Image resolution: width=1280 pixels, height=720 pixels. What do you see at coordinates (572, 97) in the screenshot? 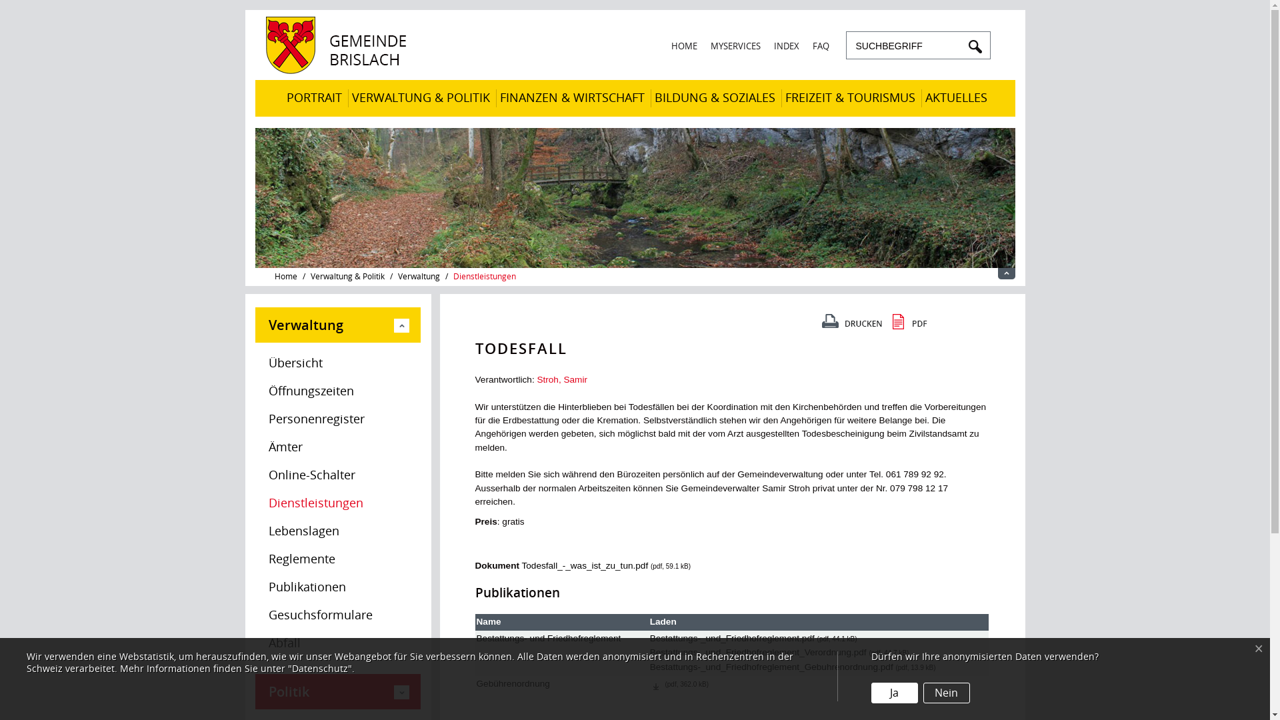
I see `'FINANZEN & WIRTSCHAFT'` at bounding box center [572, 97].